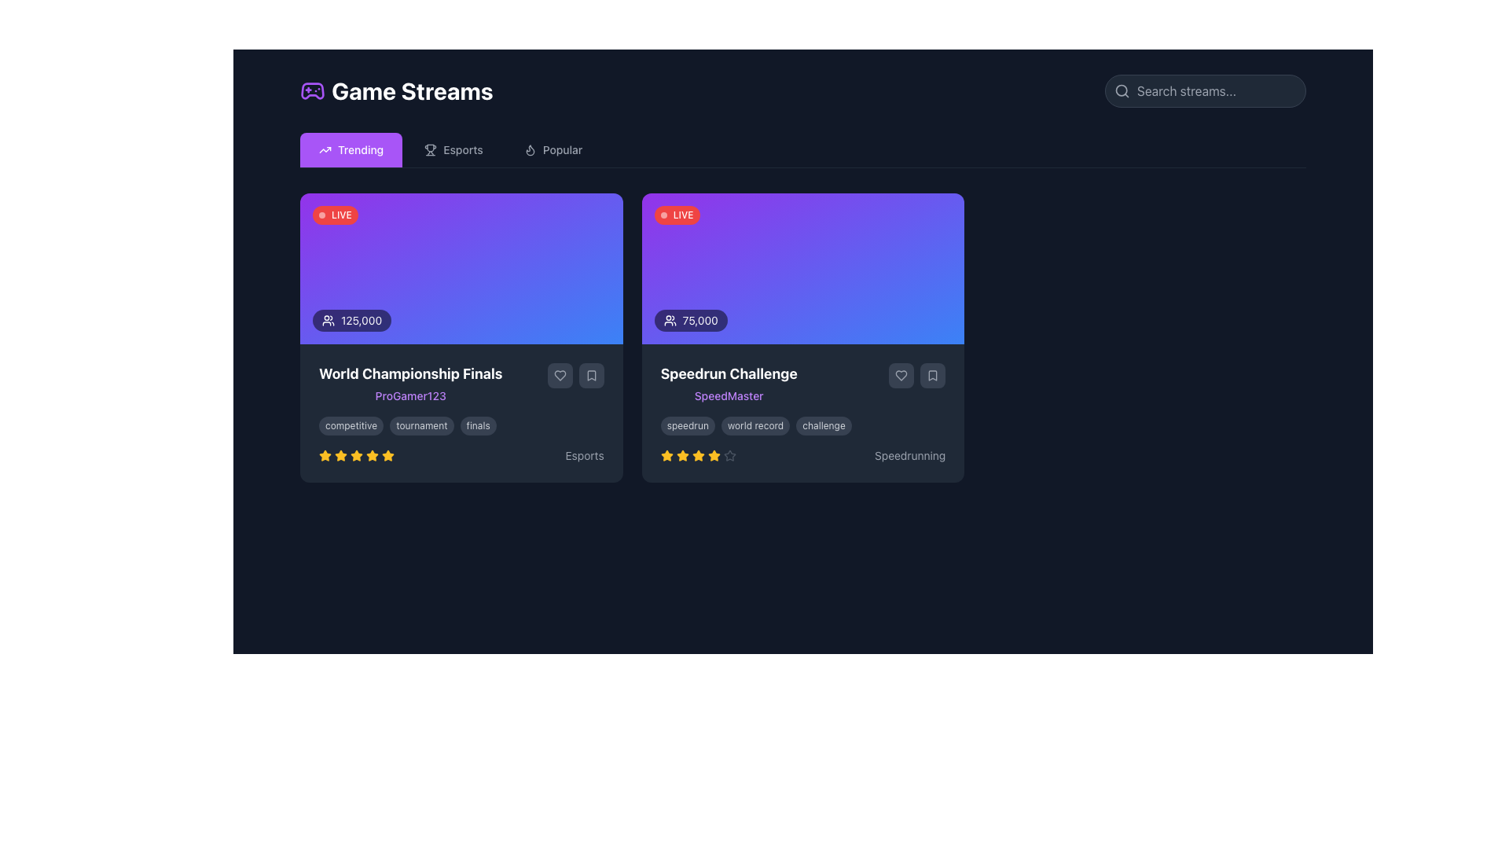  I want to click on the text label displaying the username 'ProGamer123', so click(410, 395).